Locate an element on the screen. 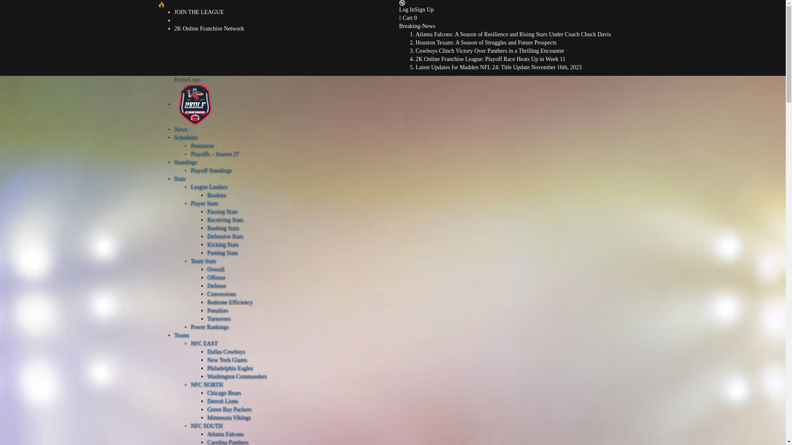  'NFC NORTH' is located at coordinates (206, 384).